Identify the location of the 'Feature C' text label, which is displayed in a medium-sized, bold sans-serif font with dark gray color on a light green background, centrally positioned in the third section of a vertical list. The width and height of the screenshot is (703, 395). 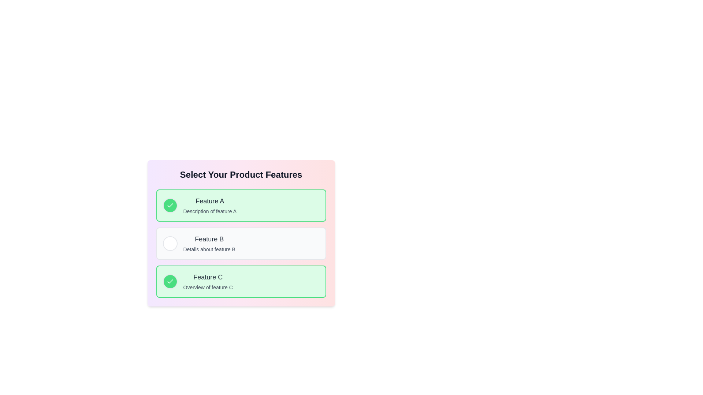
(208, 277).